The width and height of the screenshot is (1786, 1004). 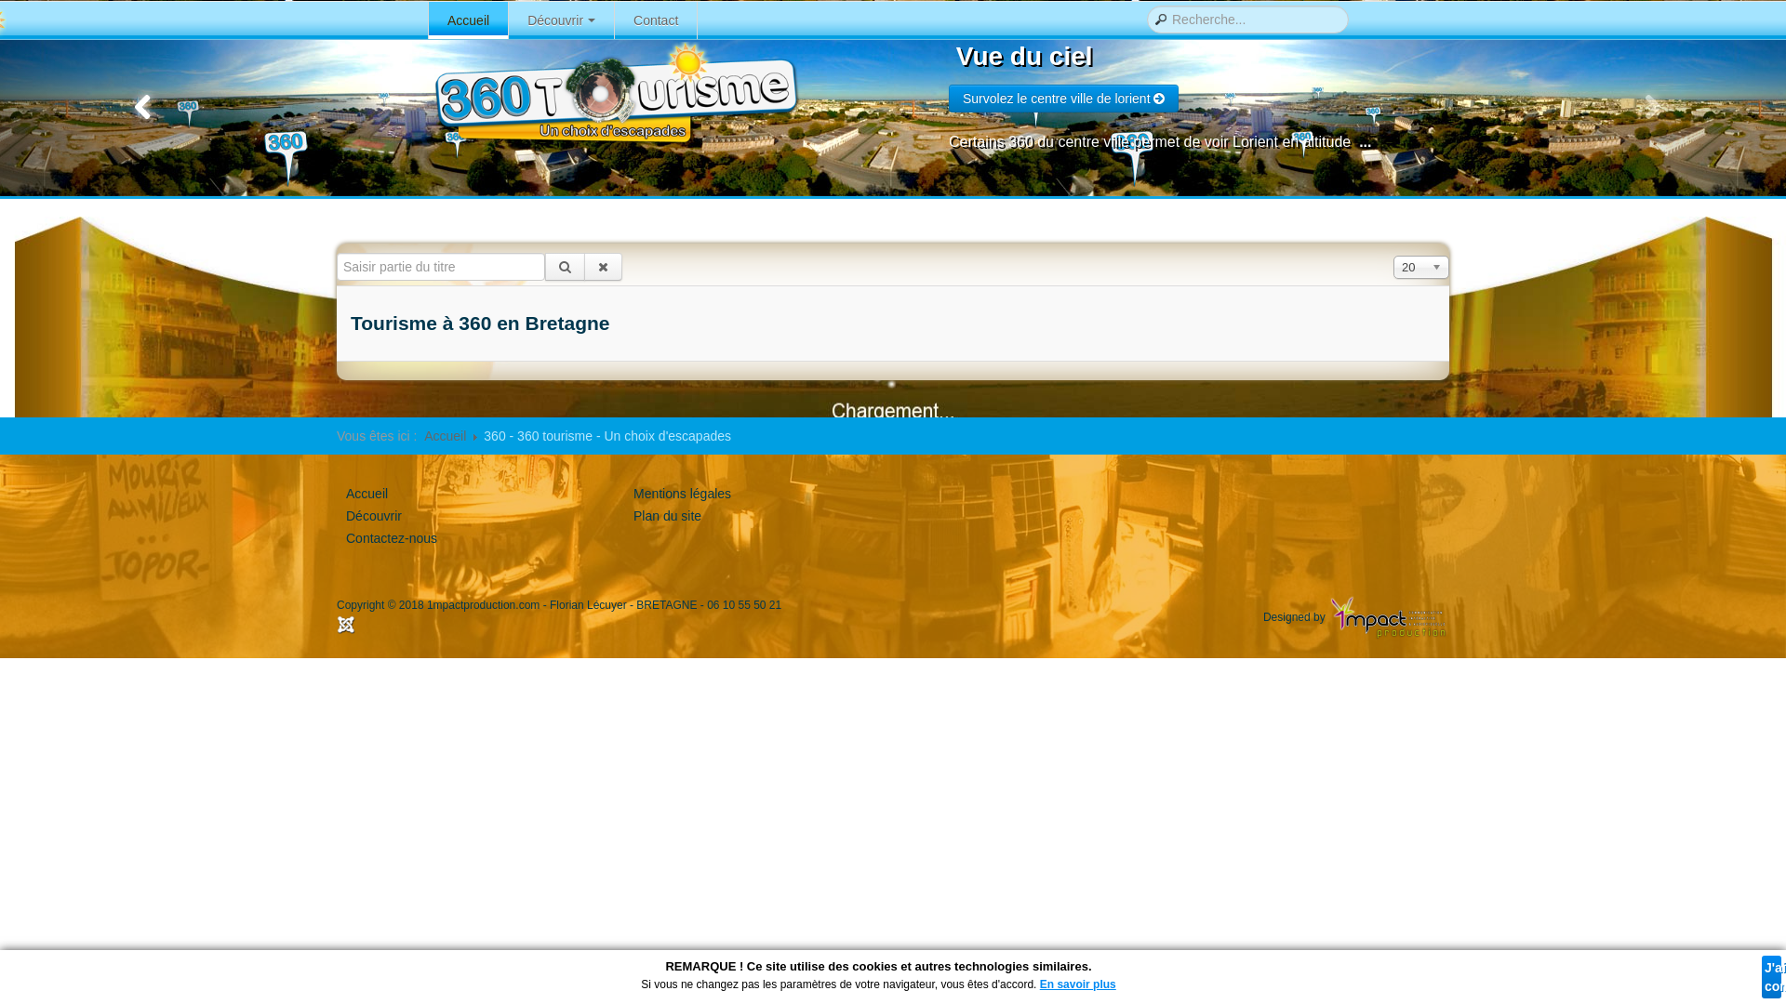 I want to click on '1mpactproduction.com', so click(x=426, y=605).